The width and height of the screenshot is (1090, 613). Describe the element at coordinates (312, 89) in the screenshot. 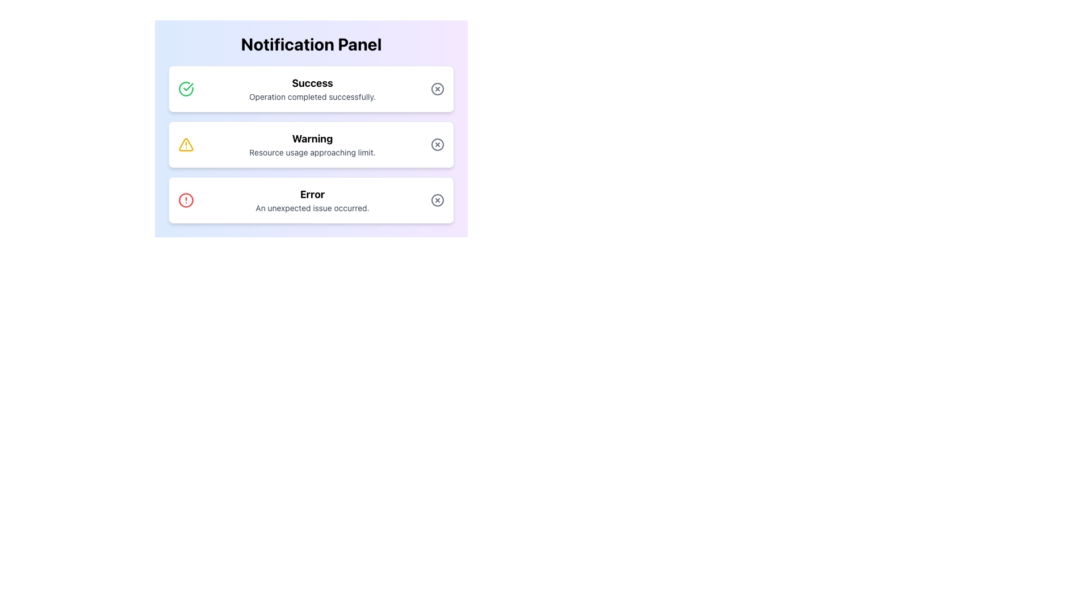

I see `informational message displayed in the first notification card, which indicates a successful operation and is located to the right of a green checkmark icon` at that location.